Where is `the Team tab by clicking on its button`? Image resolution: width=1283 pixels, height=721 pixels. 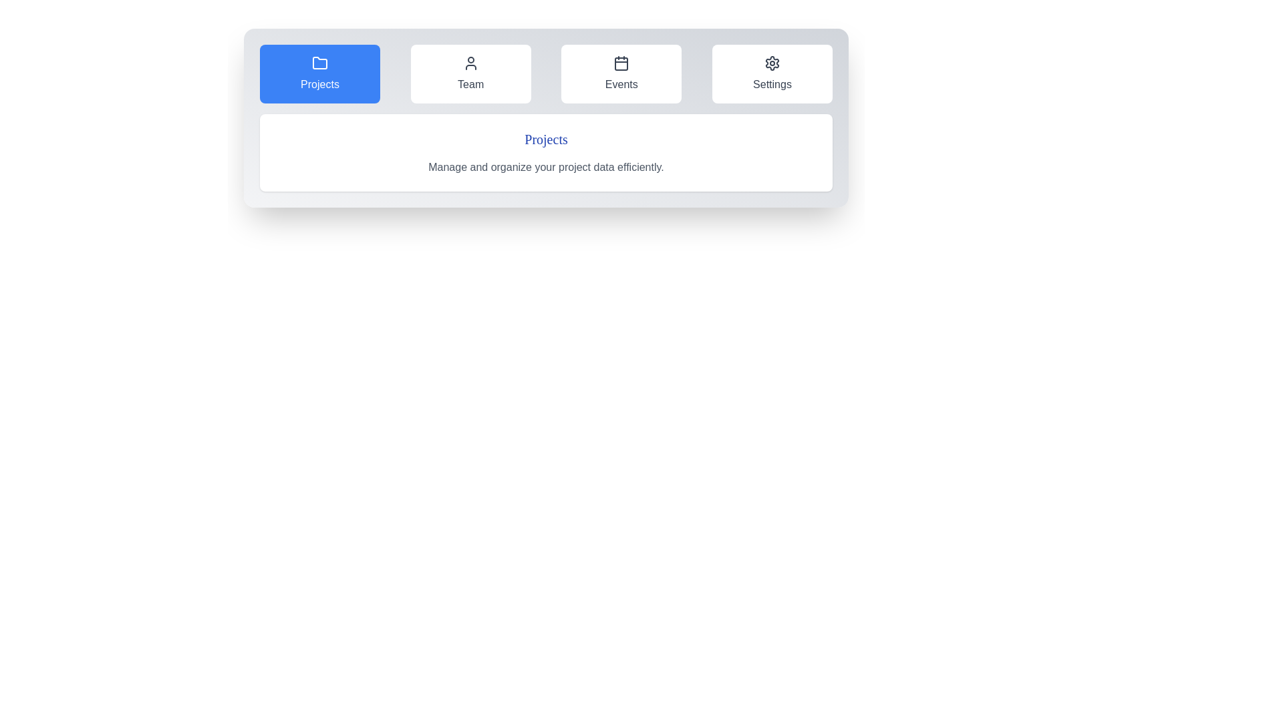
the Team tab by clicking on its button is located at coordinates (470, 74).